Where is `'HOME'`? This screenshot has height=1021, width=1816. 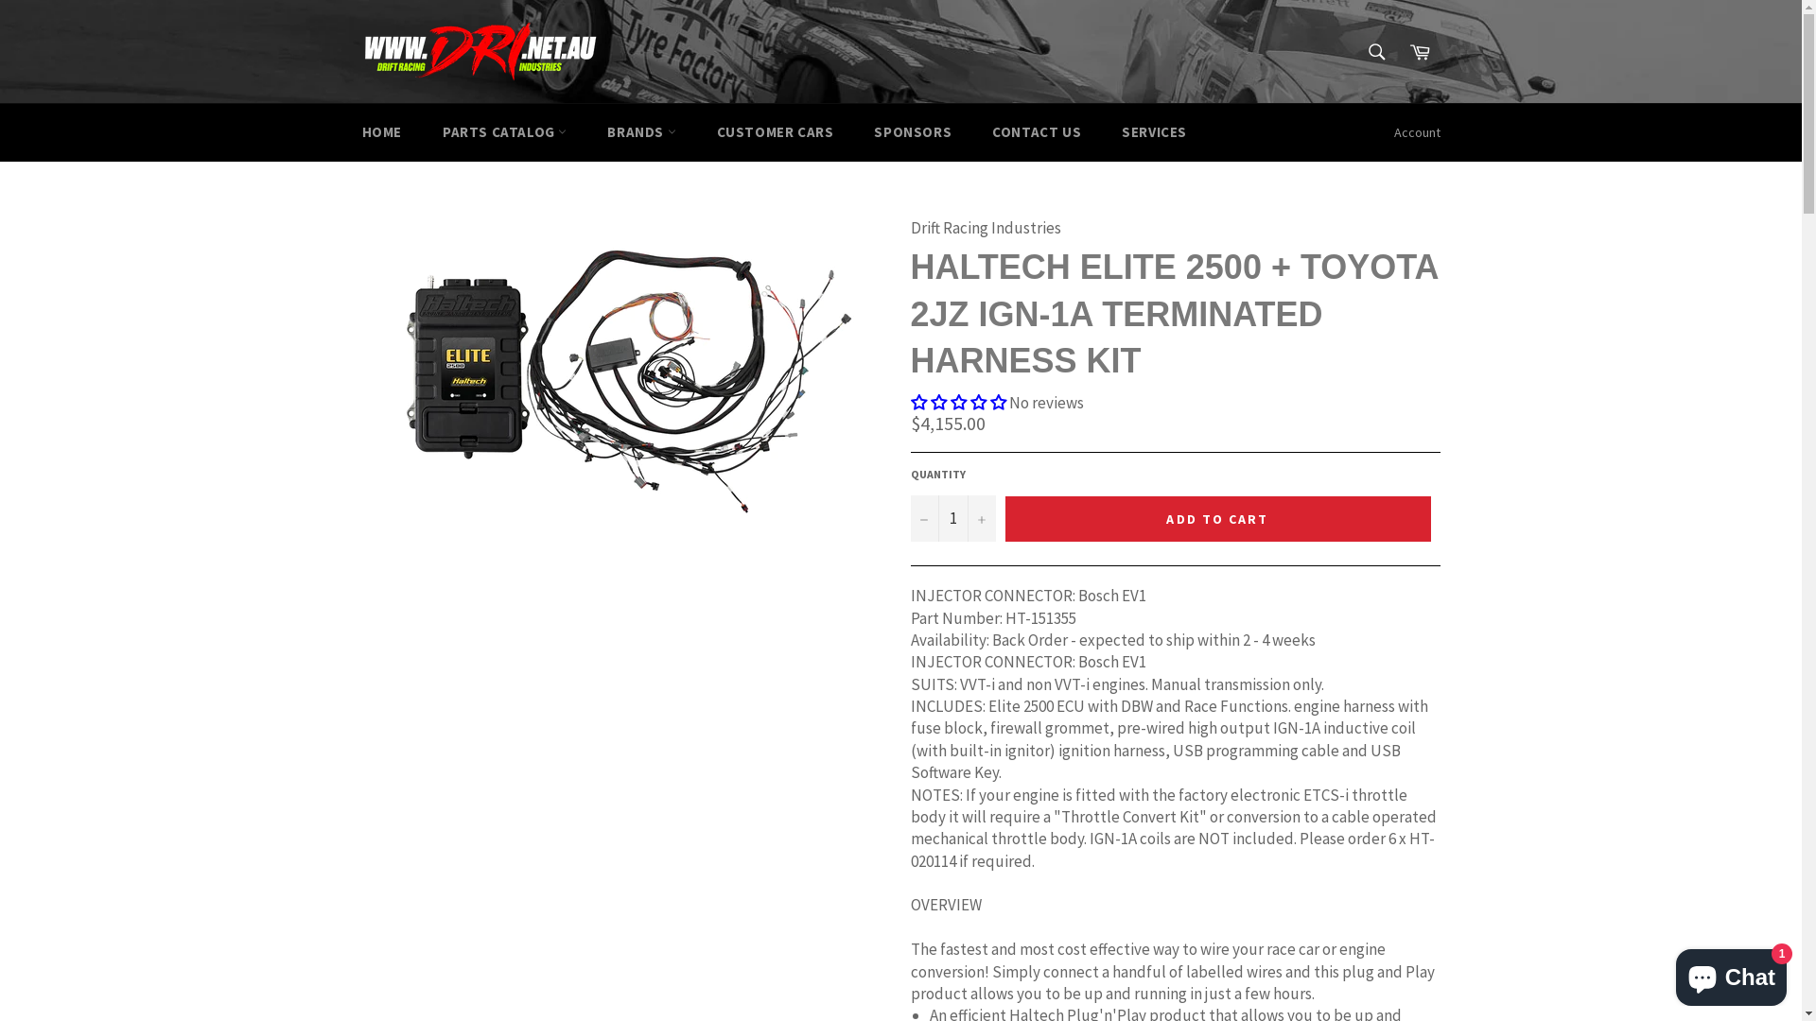 'HOME' is located at coordinates (380, 131).